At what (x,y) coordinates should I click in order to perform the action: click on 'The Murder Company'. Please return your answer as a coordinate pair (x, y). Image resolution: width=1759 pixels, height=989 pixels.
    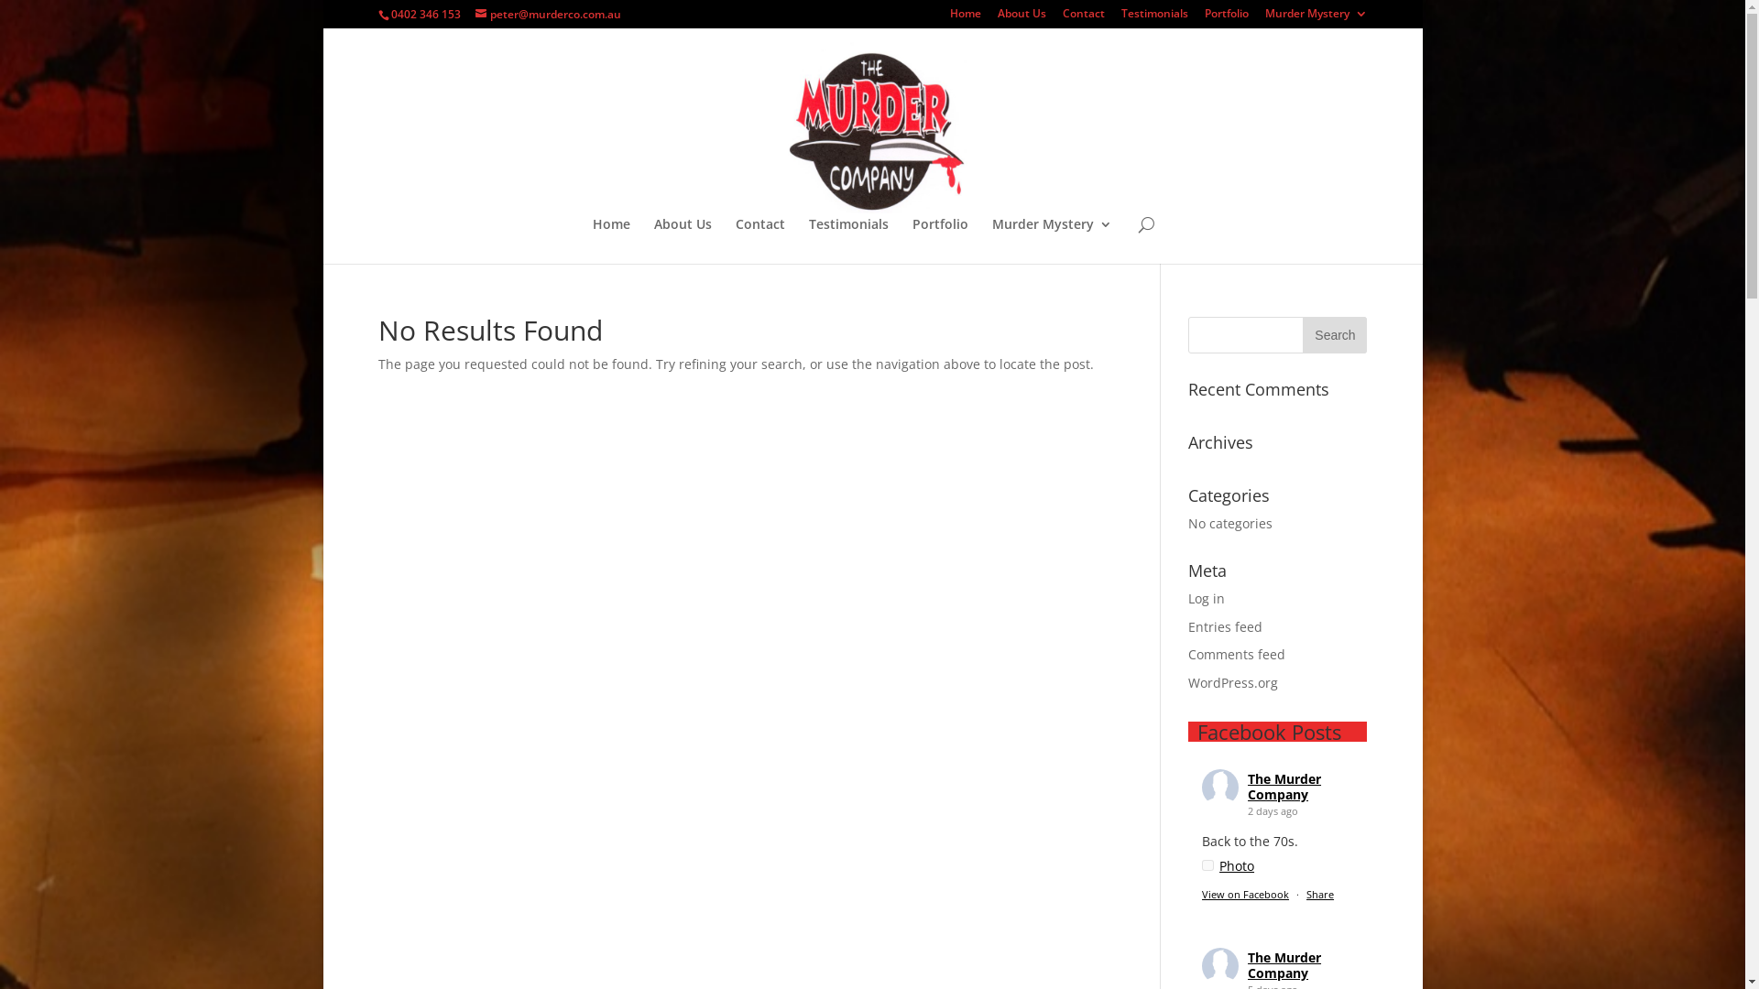
    Looking at the image, I should click on (1283, 963).